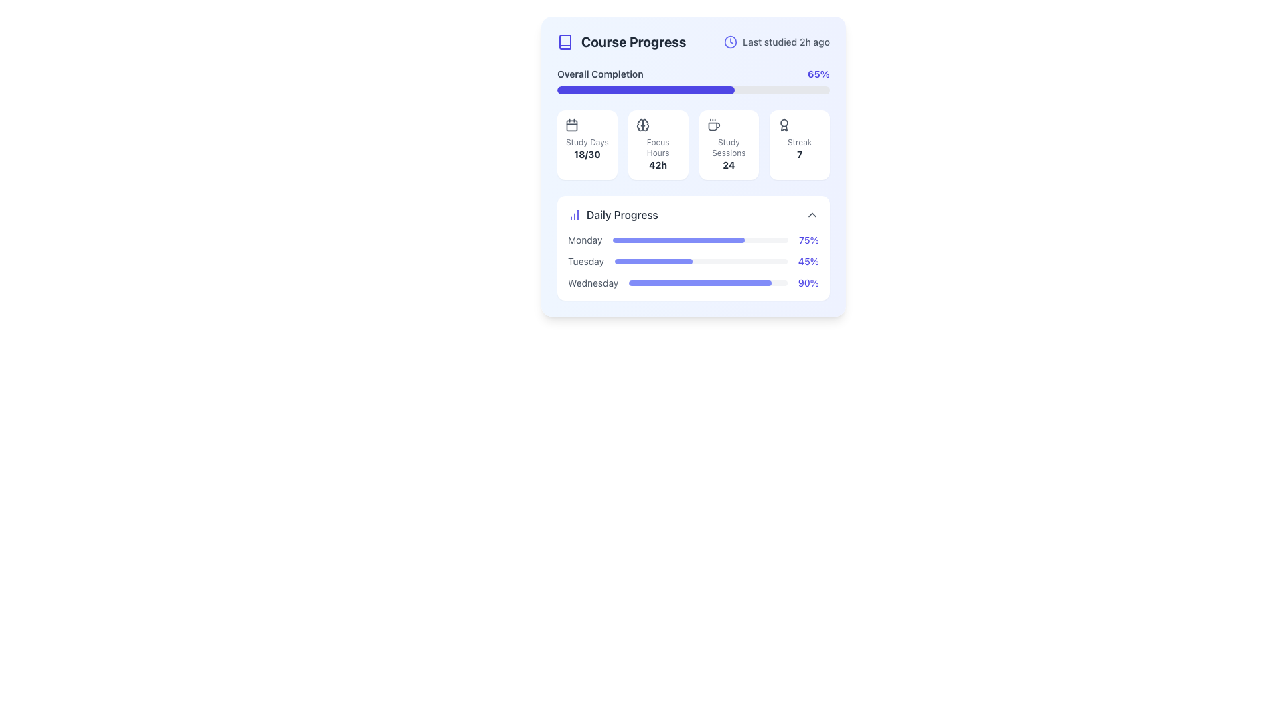 The height and width of the screenshot is (723, 1286). Describe the element at coordinates (812, 214) in the screenshot. I see `the downward-facing chevron icon next to the 'Daily Progress' section header` at that location.